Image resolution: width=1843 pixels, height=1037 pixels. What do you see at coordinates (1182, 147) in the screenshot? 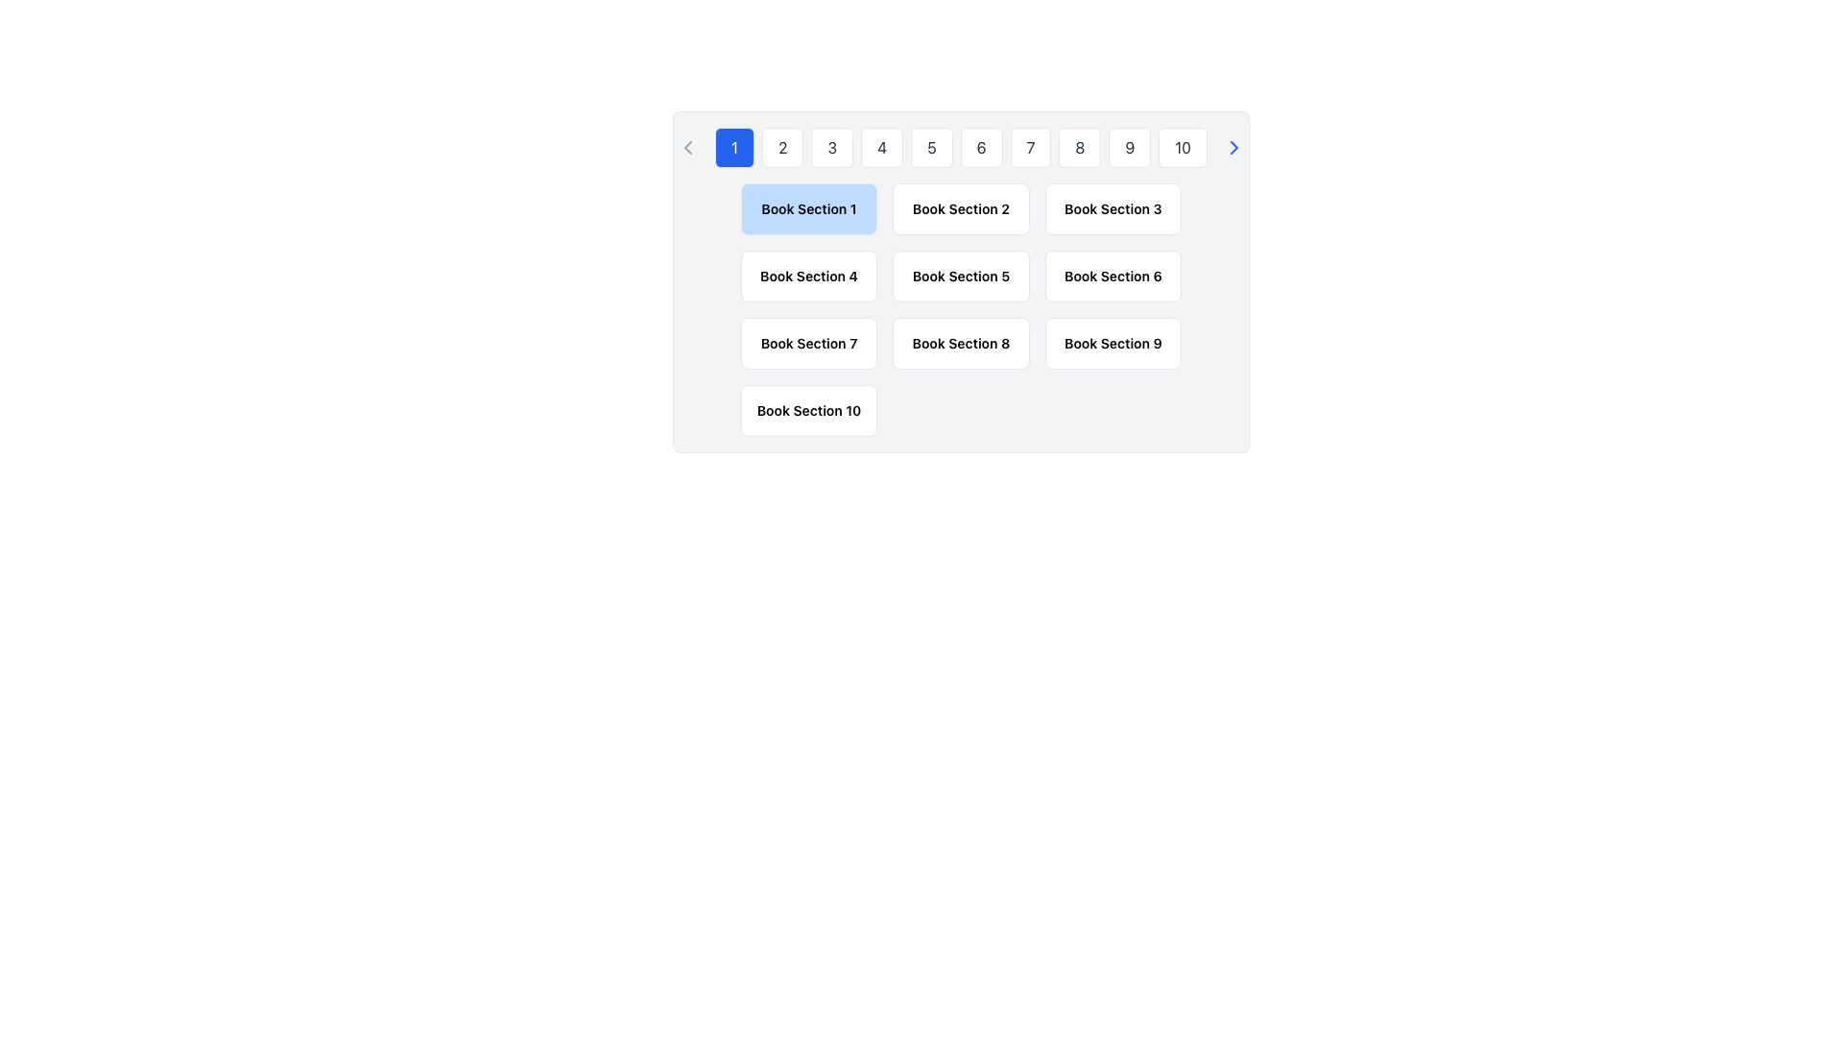
I see `the rectangular button with rounded corners labeled '10'` at bounding box center [1182, 147].